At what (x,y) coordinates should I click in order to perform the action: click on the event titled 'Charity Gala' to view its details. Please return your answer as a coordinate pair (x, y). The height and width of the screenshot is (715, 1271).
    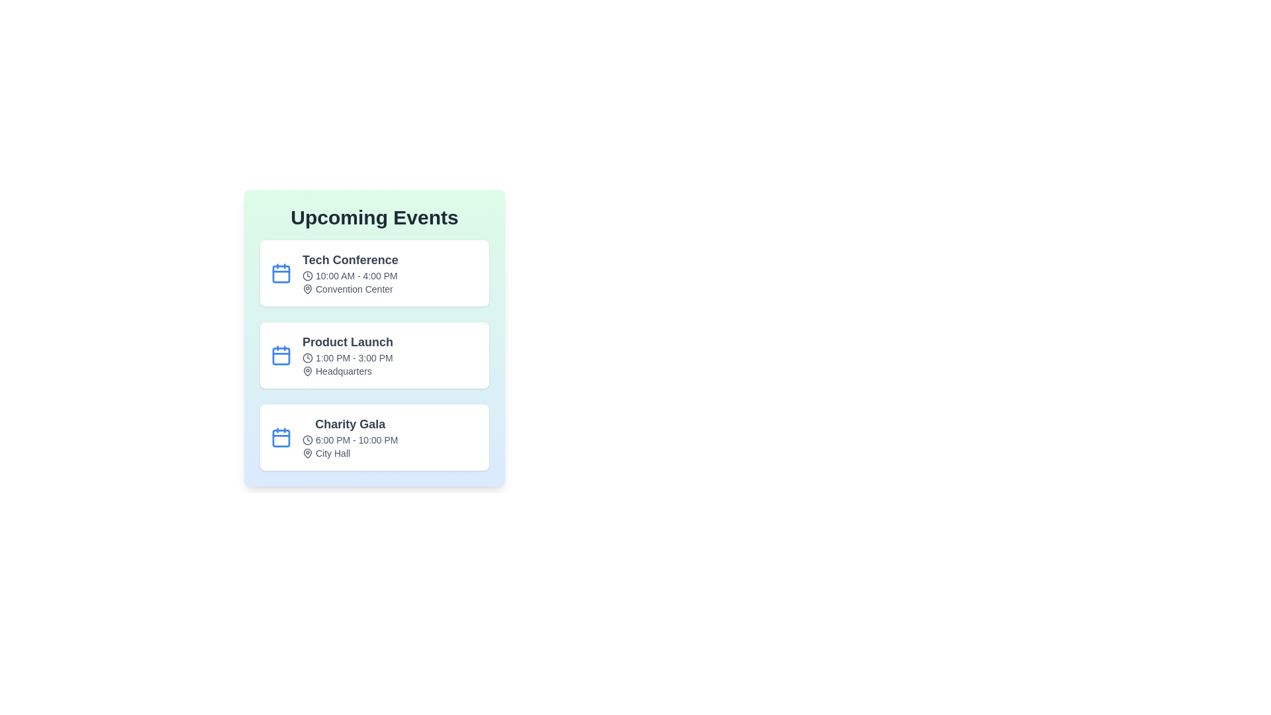
    Looking at the image, I should click on (374, 437).